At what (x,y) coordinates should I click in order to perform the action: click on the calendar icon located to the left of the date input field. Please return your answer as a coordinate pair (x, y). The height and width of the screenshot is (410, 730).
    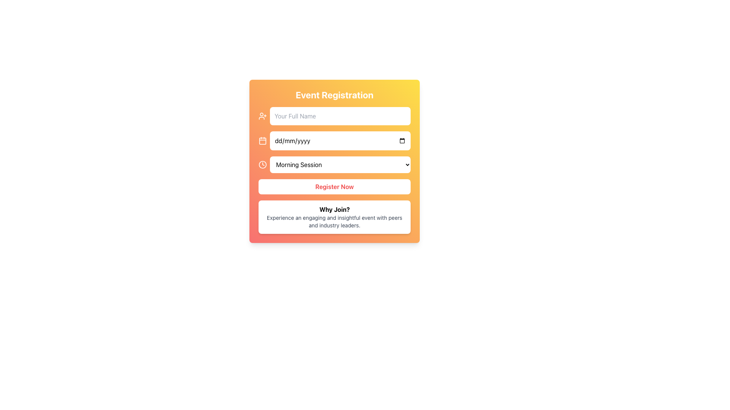
    Looking at the image, I should click on (263, 140).